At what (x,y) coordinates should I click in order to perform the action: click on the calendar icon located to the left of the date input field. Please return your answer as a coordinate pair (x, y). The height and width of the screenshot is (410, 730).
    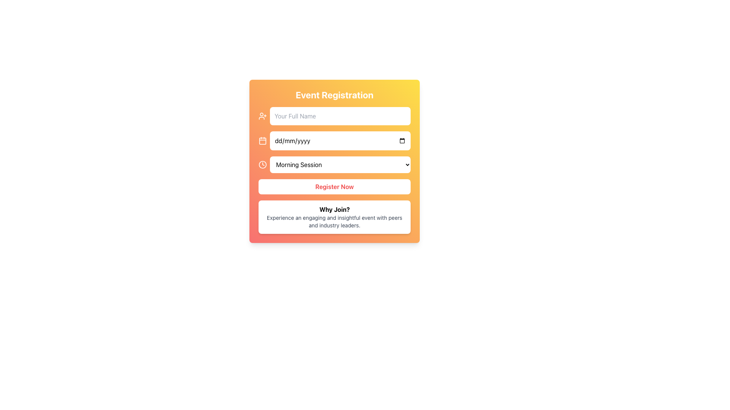
    Looking at the image, I should click on (263, 140).